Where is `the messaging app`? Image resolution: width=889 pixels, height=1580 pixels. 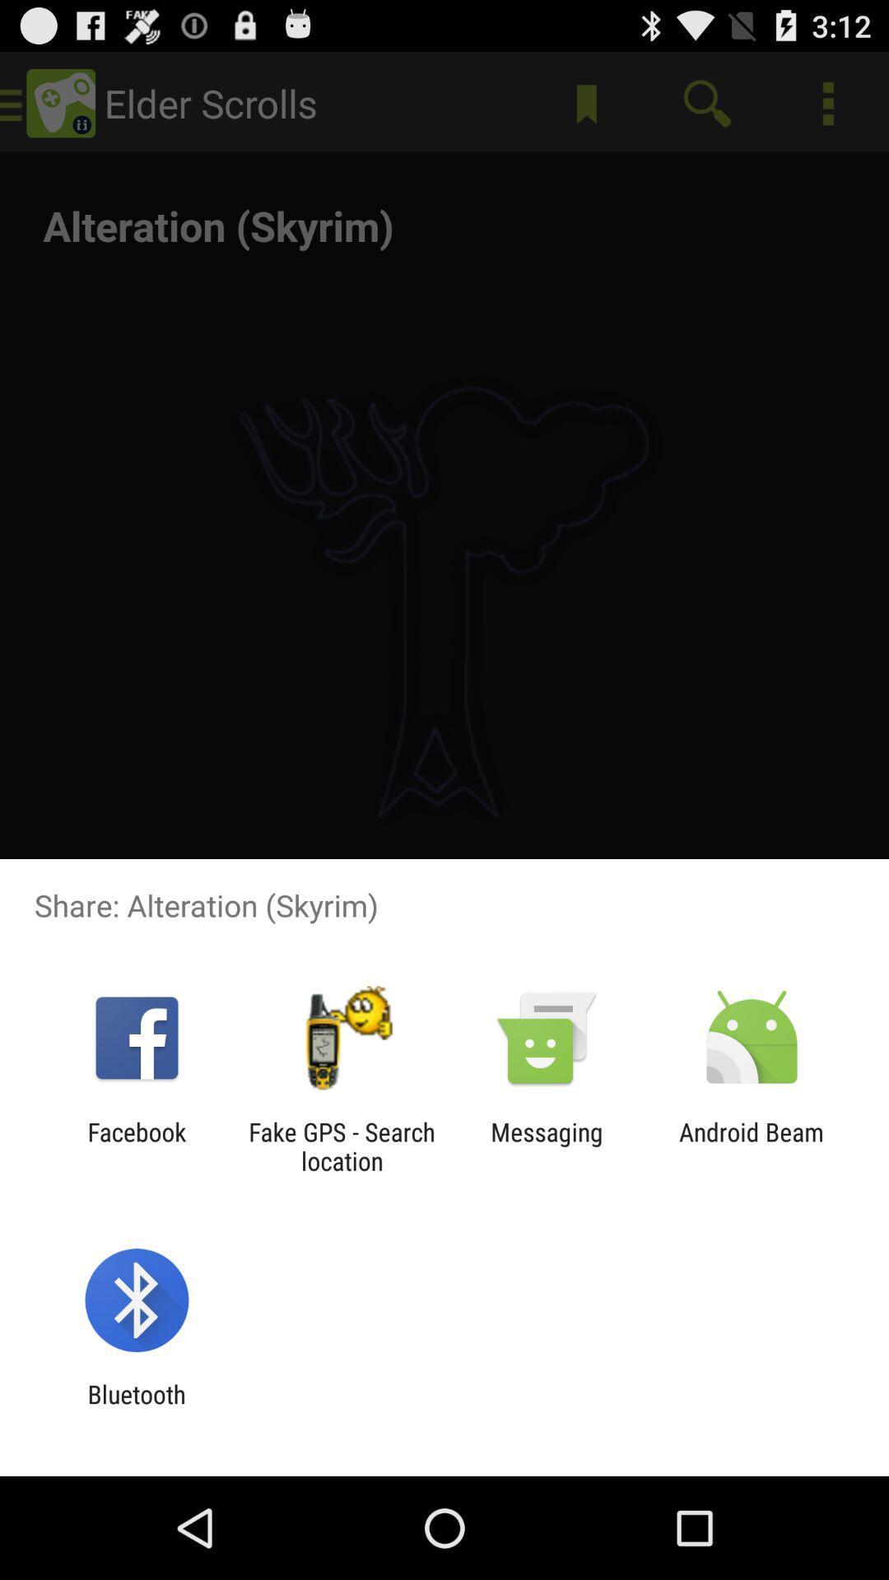 the messaging app is located at coordinates (547, 1145).